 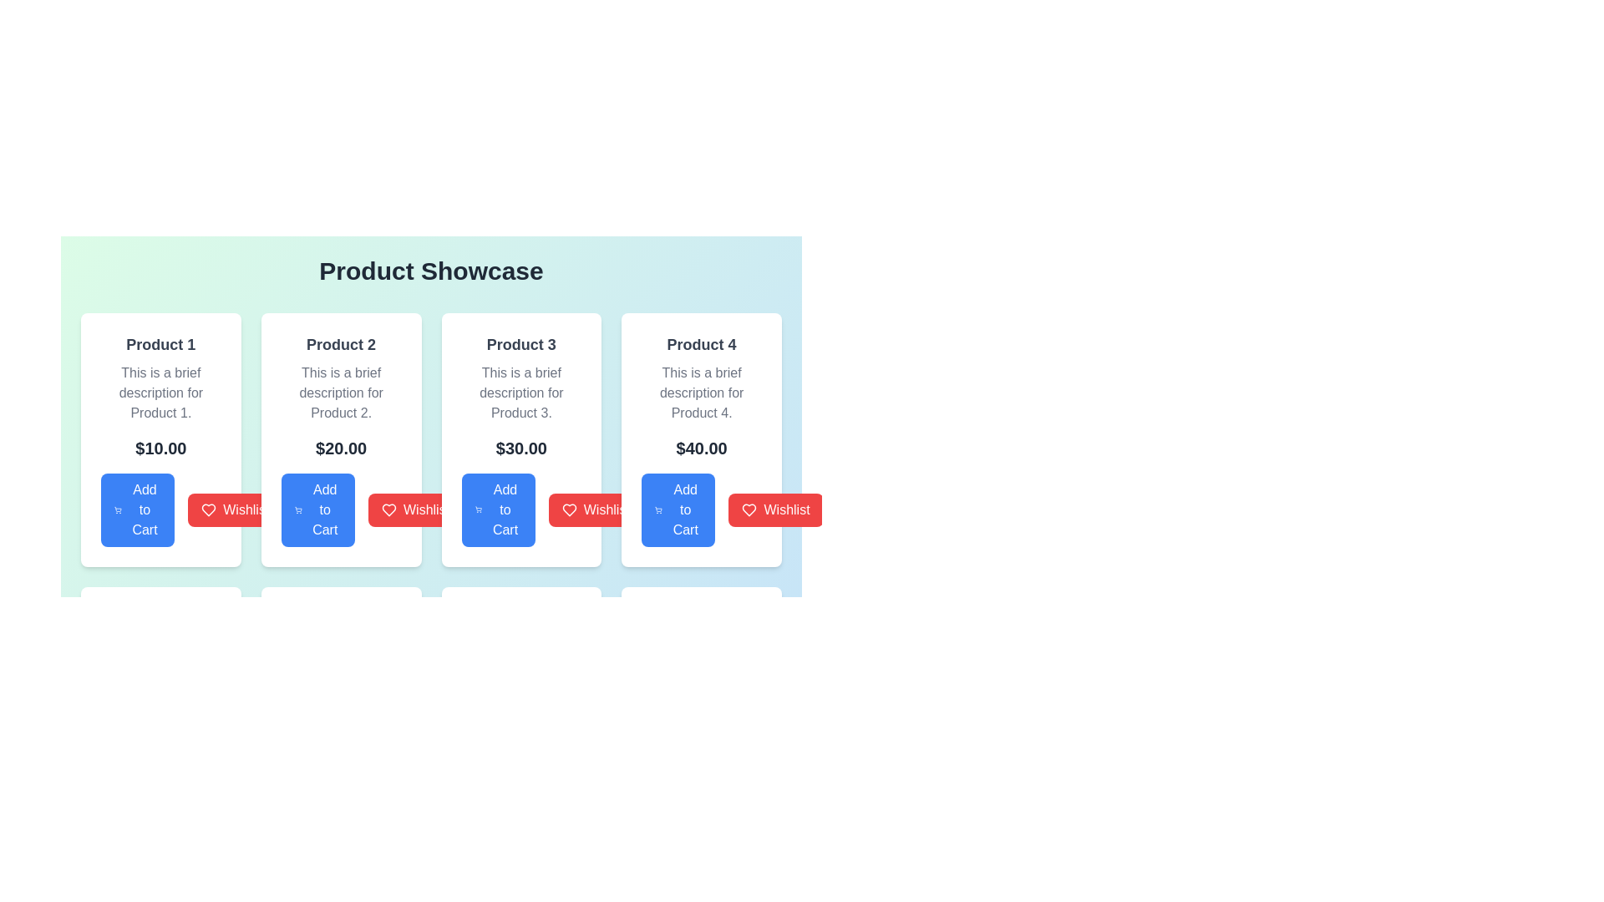 I want to click on the text label displaying 'Wishlist', which is part of a button component for Product 3, styled in white on a red background, so click(x=606, y=509).